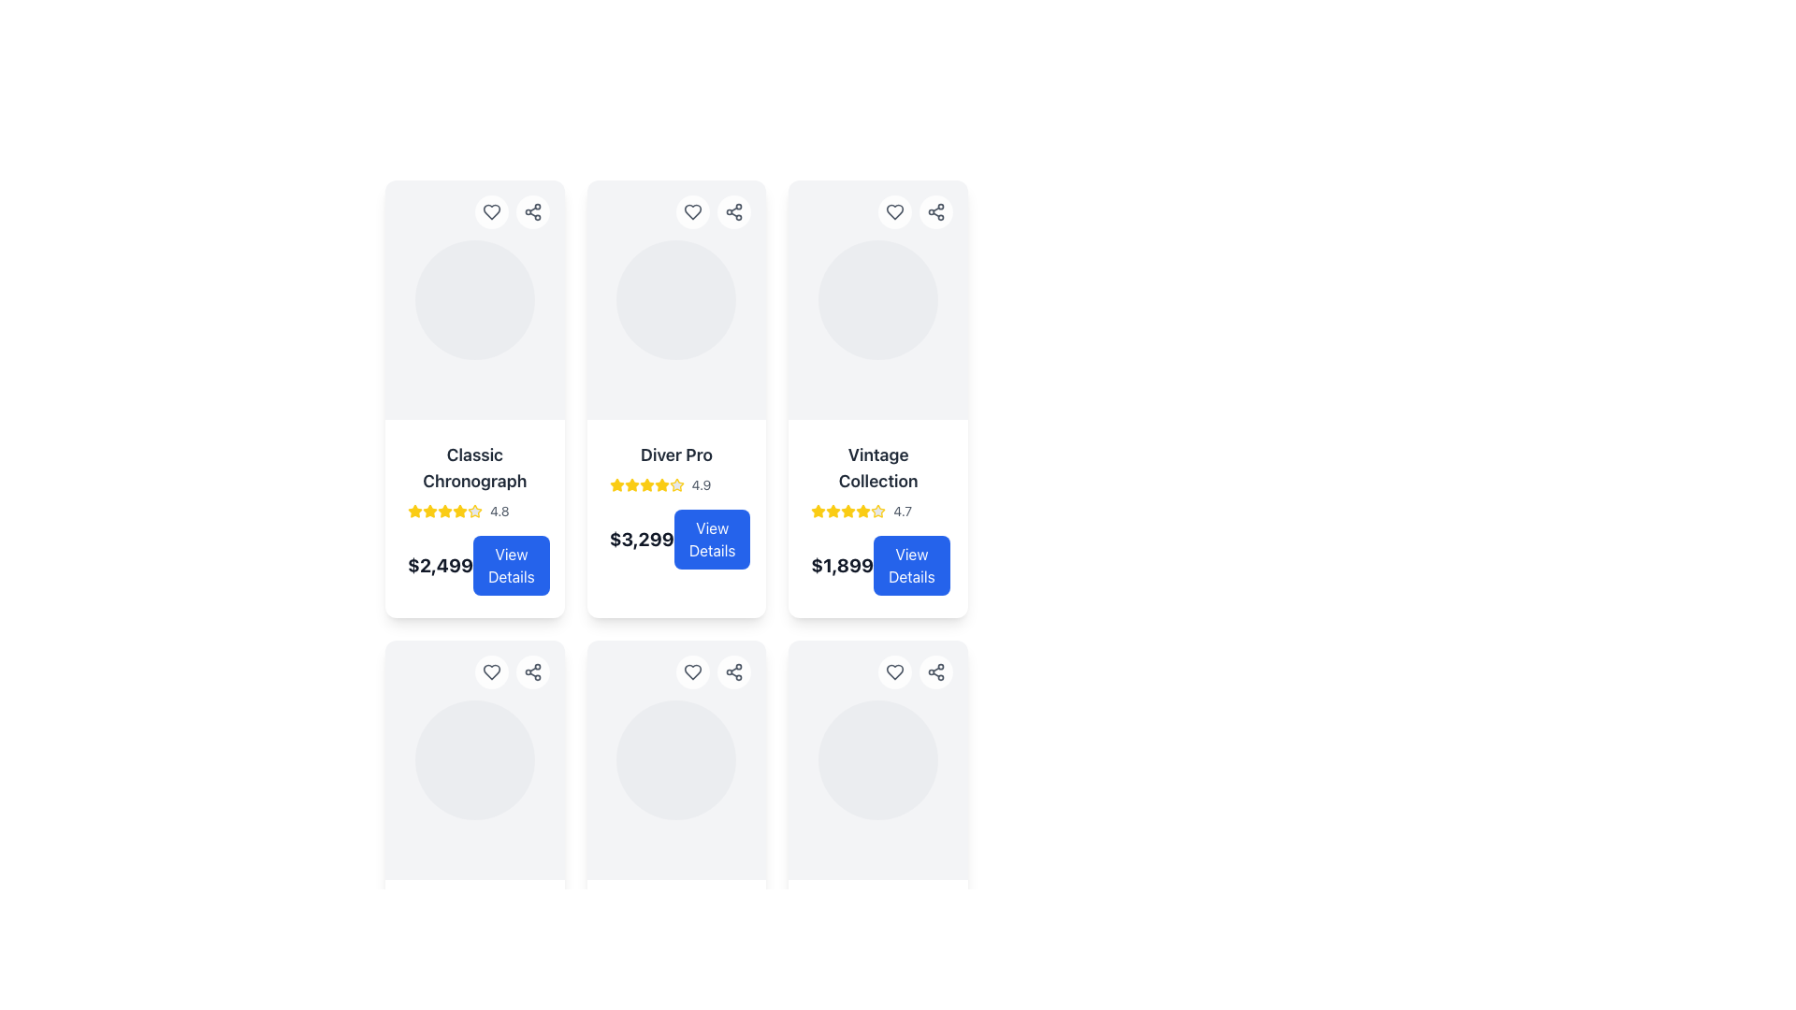 The width and height of the screenshot is (1796, 1010). Describe the element at coordinates (711, 540) in the screenshot. I see `the button located in the middle card of a three-card grid layout, positioned beneath the price text '$3,299' and aligned to the right, to trigger a visual style change` at that location.